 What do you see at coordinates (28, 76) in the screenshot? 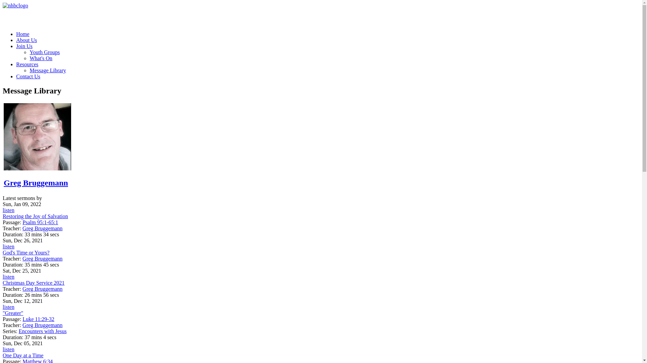
I see `'Contact Us'` at bounding box center [28, 76].